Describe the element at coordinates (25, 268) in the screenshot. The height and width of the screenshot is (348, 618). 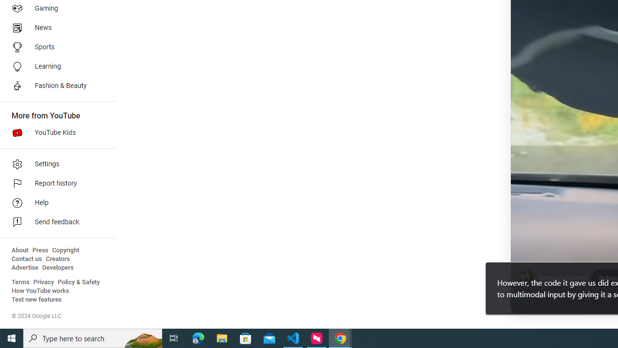
I see `'Advertise'` at that location.